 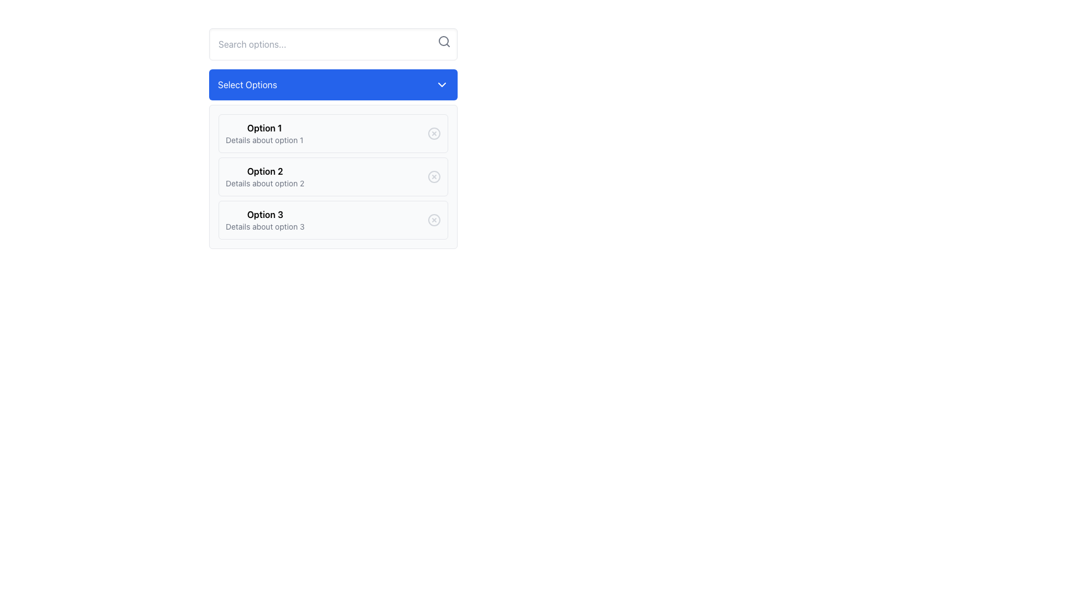 I want to click on the selectable list item titled 'Option 2' which has a light gray background and contains details about option 2, positioned centrally in the list of options, so click(x=332, y=176).